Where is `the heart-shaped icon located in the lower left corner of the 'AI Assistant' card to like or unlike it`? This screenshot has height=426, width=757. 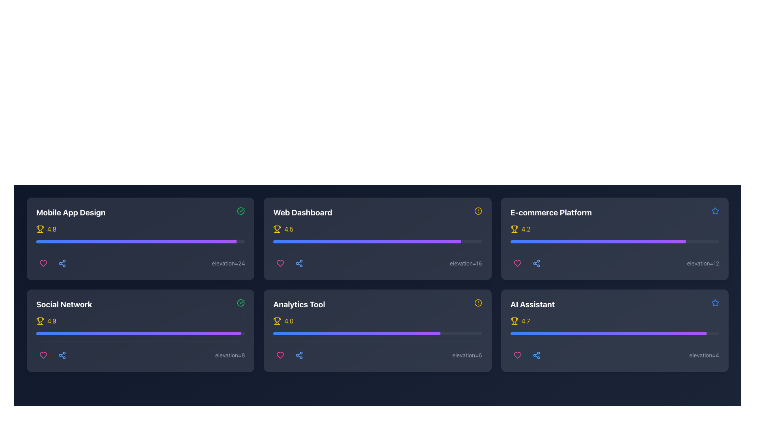 the heart-shaped icon located in the lower left corner of the 'AI Assistant' card to like or unlike it is located at coordinates (517, 355).